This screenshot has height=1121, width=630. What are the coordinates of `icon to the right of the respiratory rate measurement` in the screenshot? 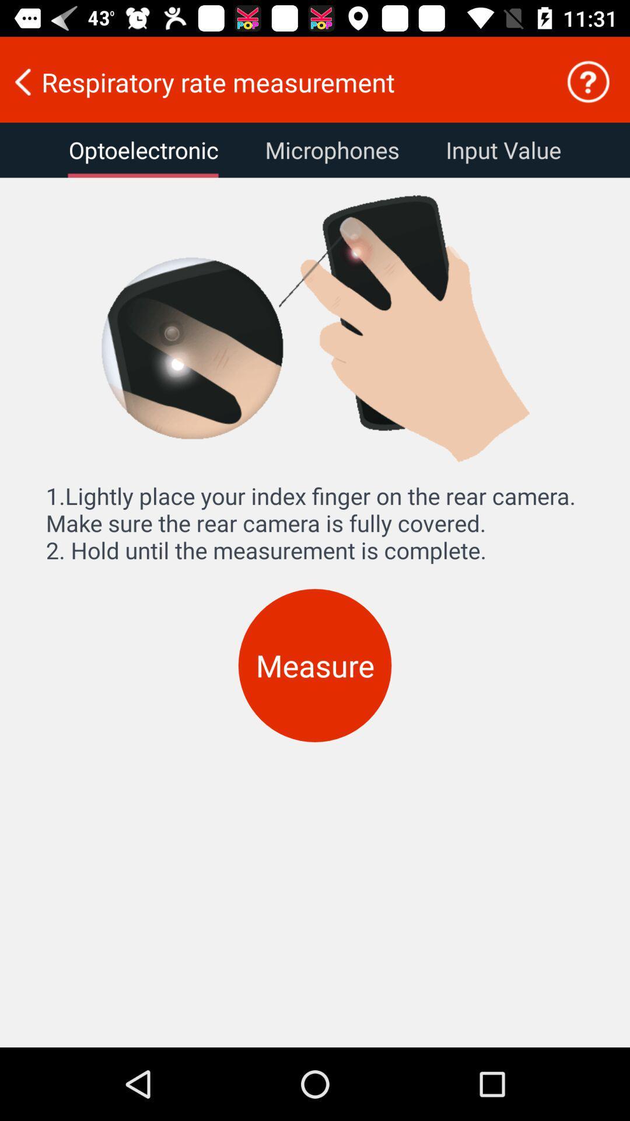 It's located at (588, 81).